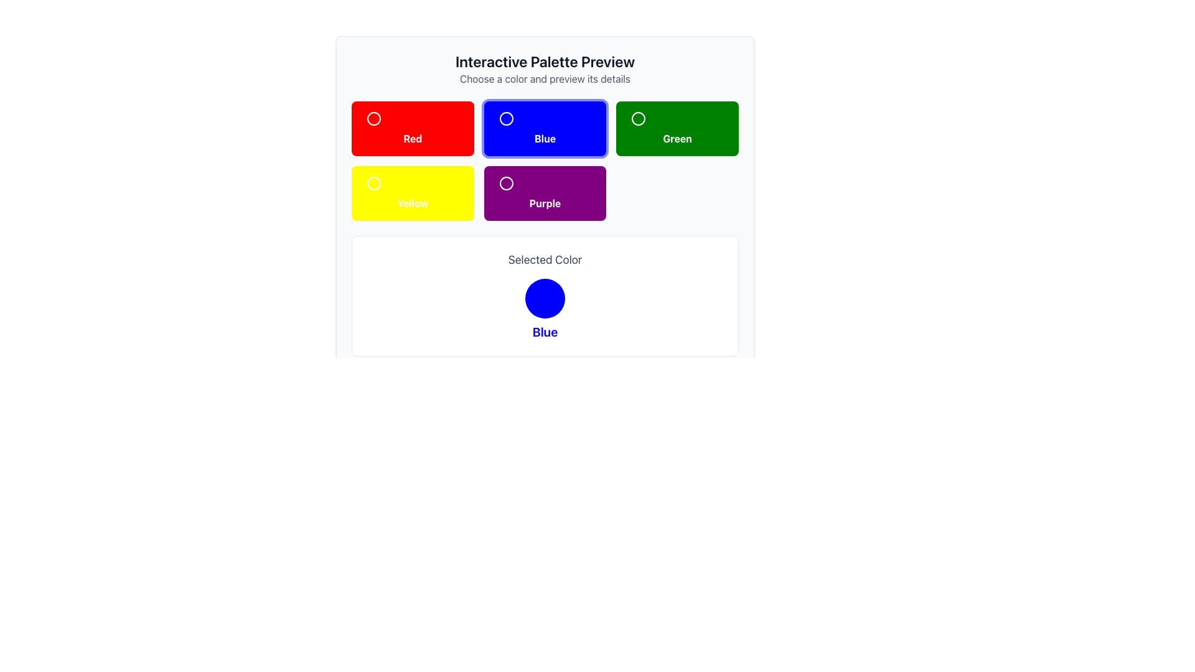 This screenshot has height=672, width=1195. I want to click on the hollow circle icon with a yellow background and white border located within the 'Yellow' color option box in the interactive palette, so click(373, 183).